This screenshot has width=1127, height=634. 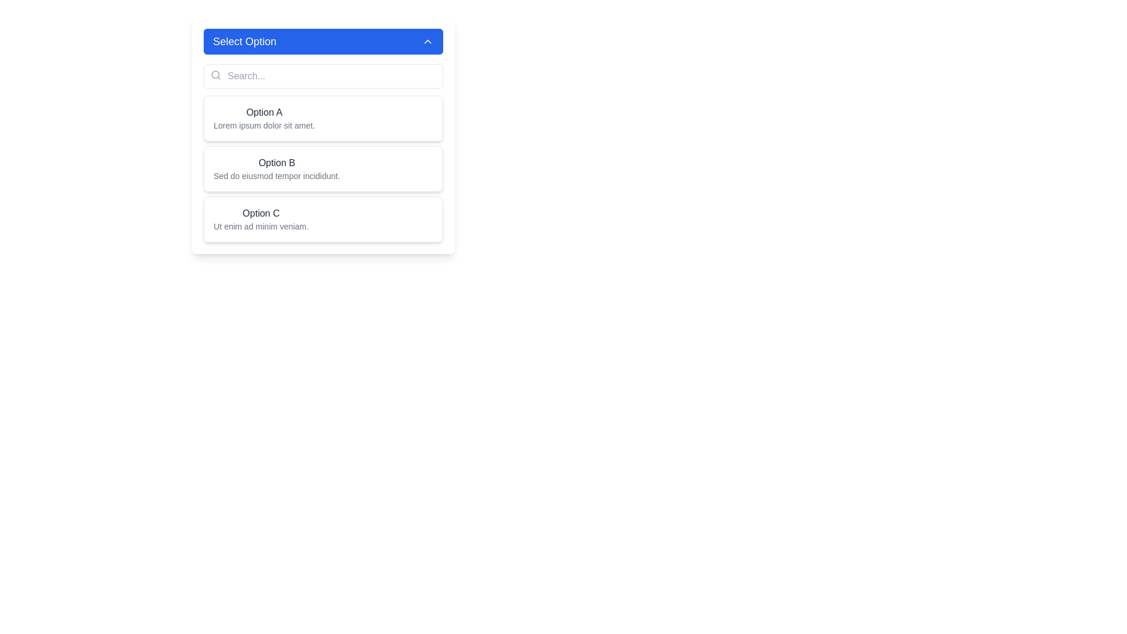 I want to click on descriptive text label for 'Option B' located in the second position of the selection list, which provides information to help users identify and select this option, so click(x=276, y=169).